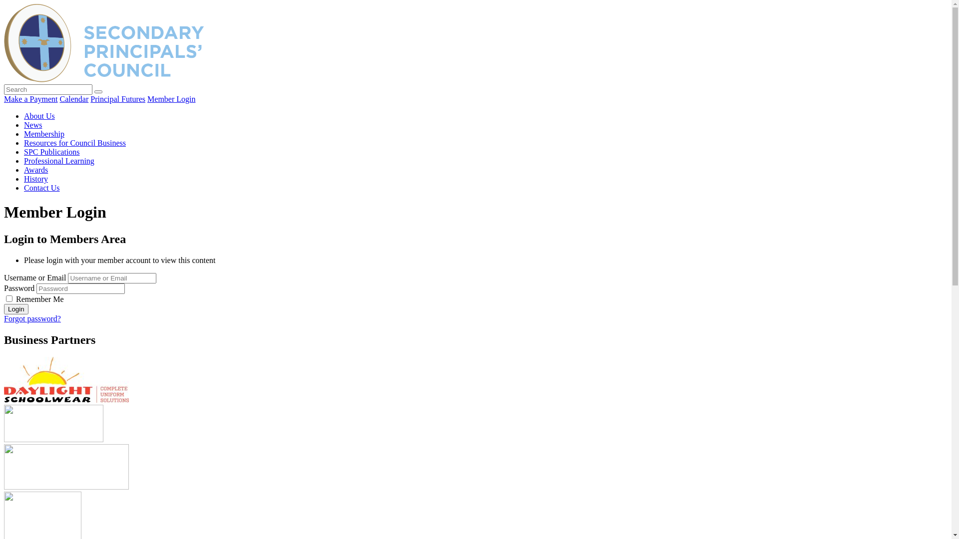 The width and height of the screenshot is (959, 539). I want to click on 'About Us', so click(39, 115).